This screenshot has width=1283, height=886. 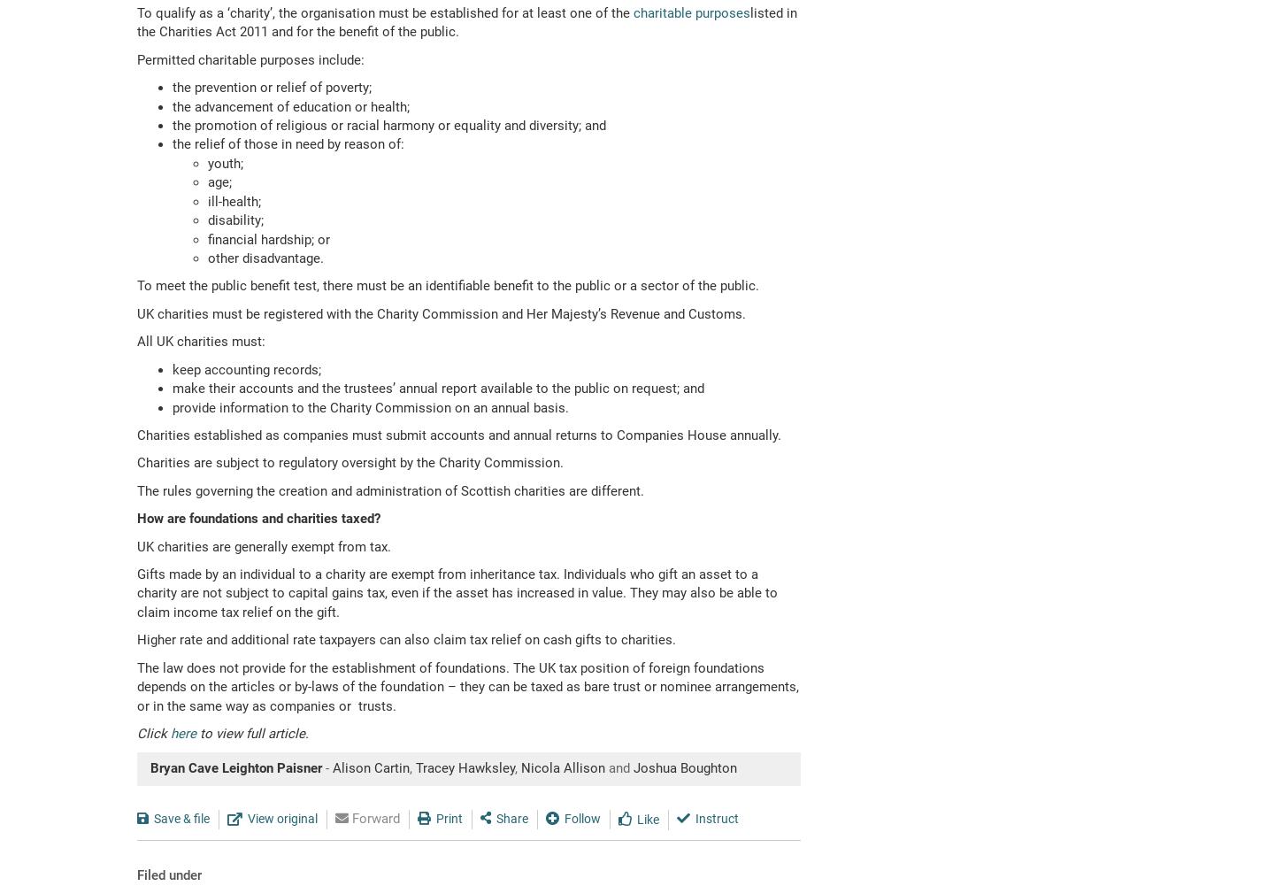 What do you see at coordinates (168, 873) in the screenshot?
I see `'Filed under'` at bounding box center [168, 873].